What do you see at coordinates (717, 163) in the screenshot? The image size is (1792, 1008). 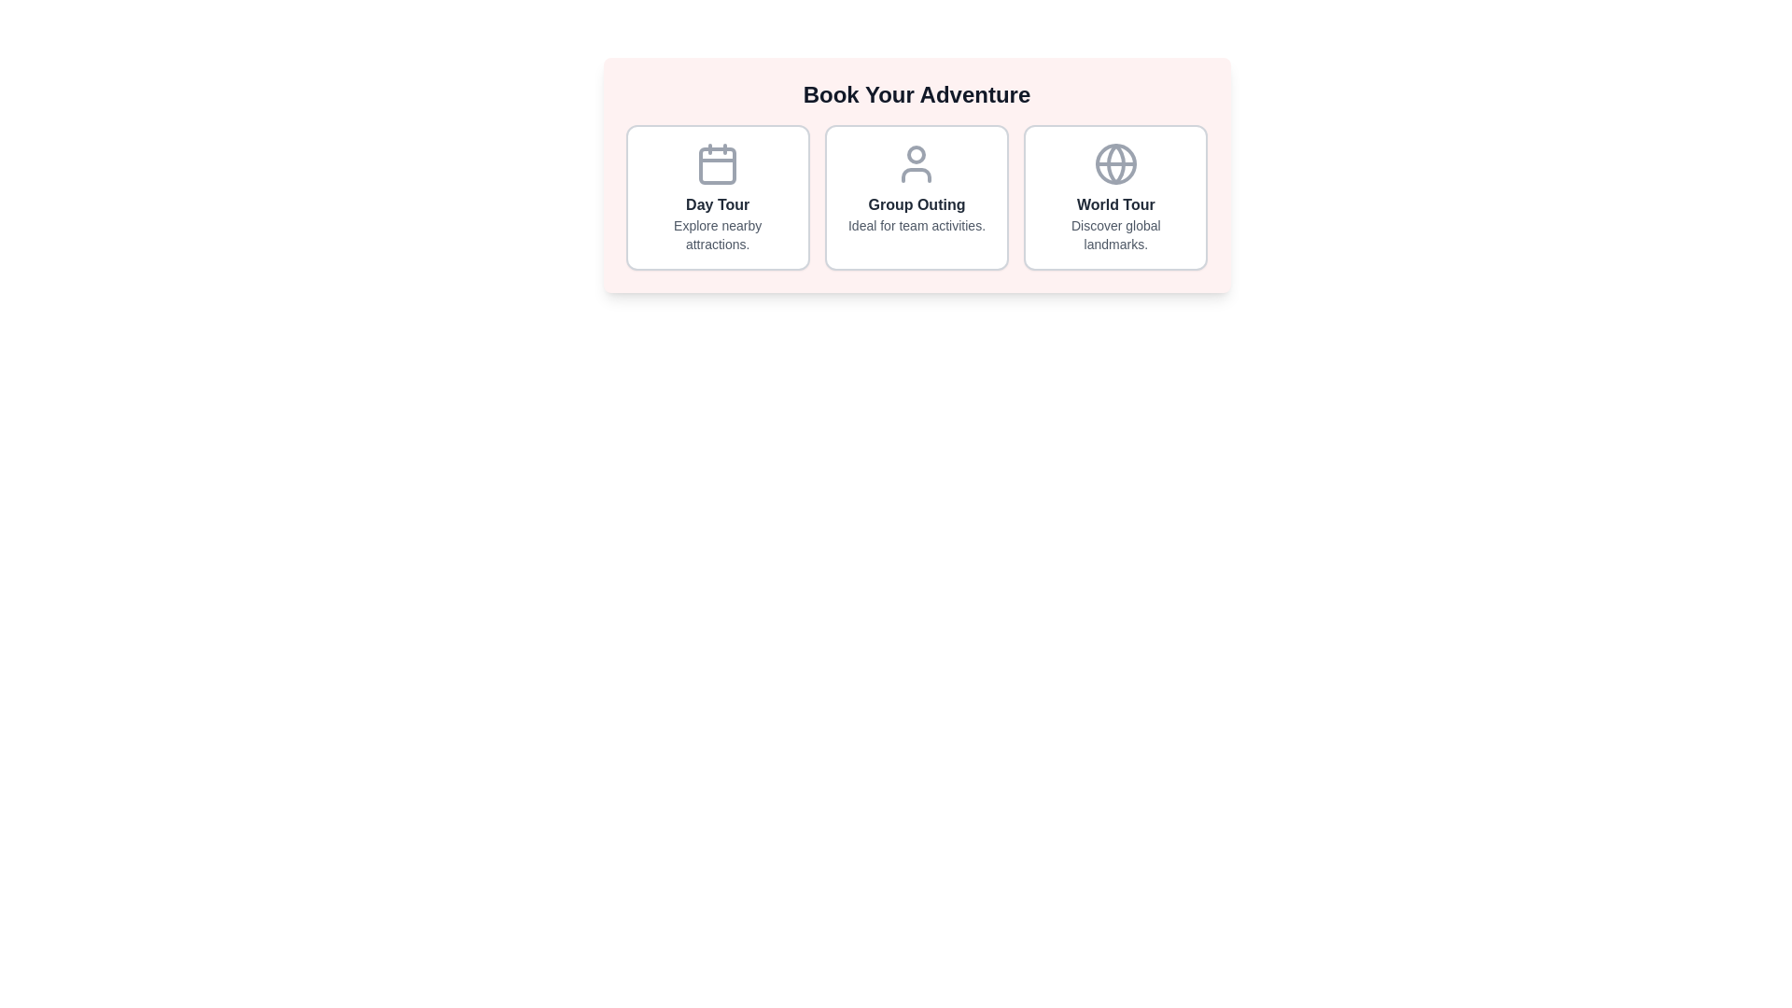 I see `the gray calendar icon located in the 'Day Tour' panel, which features descriptive text below it` at bounding box center [717, 163].